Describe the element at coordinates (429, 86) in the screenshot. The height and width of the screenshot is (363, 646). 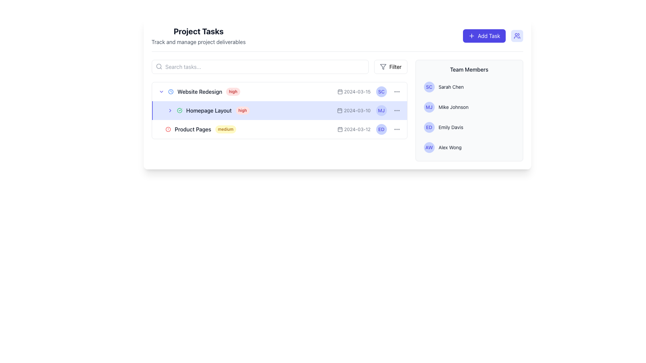
I see `the Circular Avatar representing team member 'Sarah Chen', which displays the initials 'SC' and is located at the leftmost part of the 'Sarah Chen' entry` at that location.